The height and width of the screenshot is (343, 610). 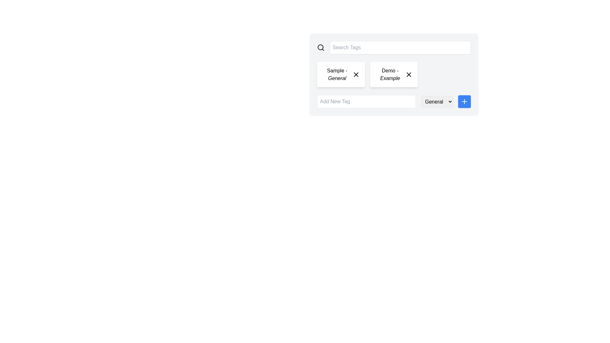 What do you see at coordinates (390, 78) in the screenshot?
I see `static text label located in the bottom half of the 'Demo - Example' card, positioned to the right of the 'Sample - General' card` at bounding box center [390, 78].